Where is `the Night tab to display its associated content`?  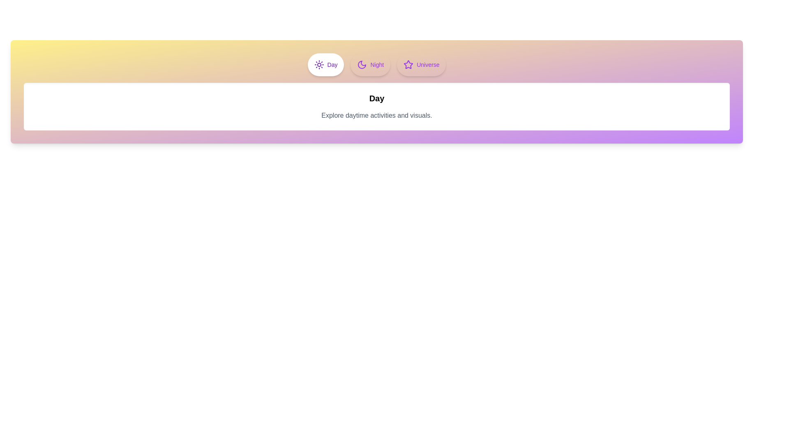 the Night tab to display its associated content is located at coordinates (370, 64).